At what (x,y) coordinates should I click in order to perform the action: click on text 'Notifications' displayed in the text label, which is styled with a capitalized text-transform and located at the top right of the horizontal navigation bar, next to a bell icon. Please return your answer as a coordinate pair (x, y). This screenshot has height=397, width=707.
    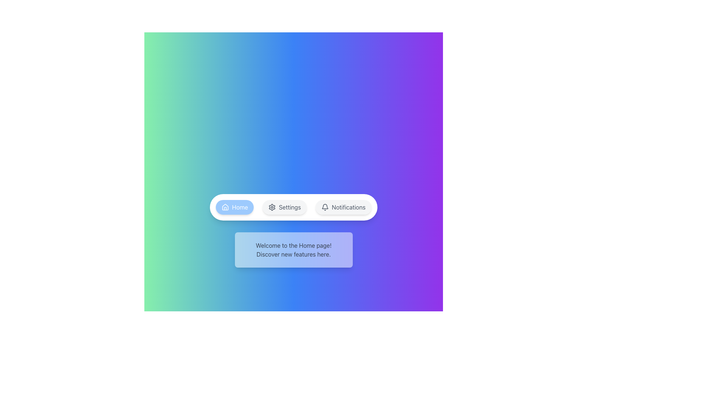
    Looking at the image, I should click on (348, 207).